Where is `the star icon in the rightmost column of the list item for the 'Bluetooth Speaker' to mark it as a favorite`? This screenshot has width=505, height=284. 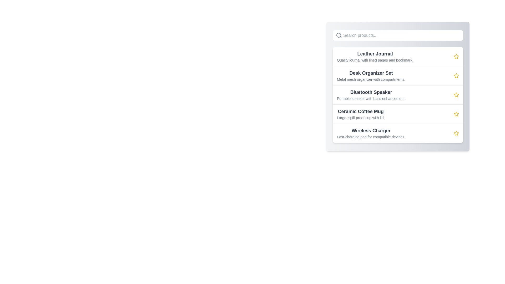 the star icon in the rightmost column of the list item for the 'Bluetooth Speaker' to mark it as a favorite is located at coordinates (456, 95).